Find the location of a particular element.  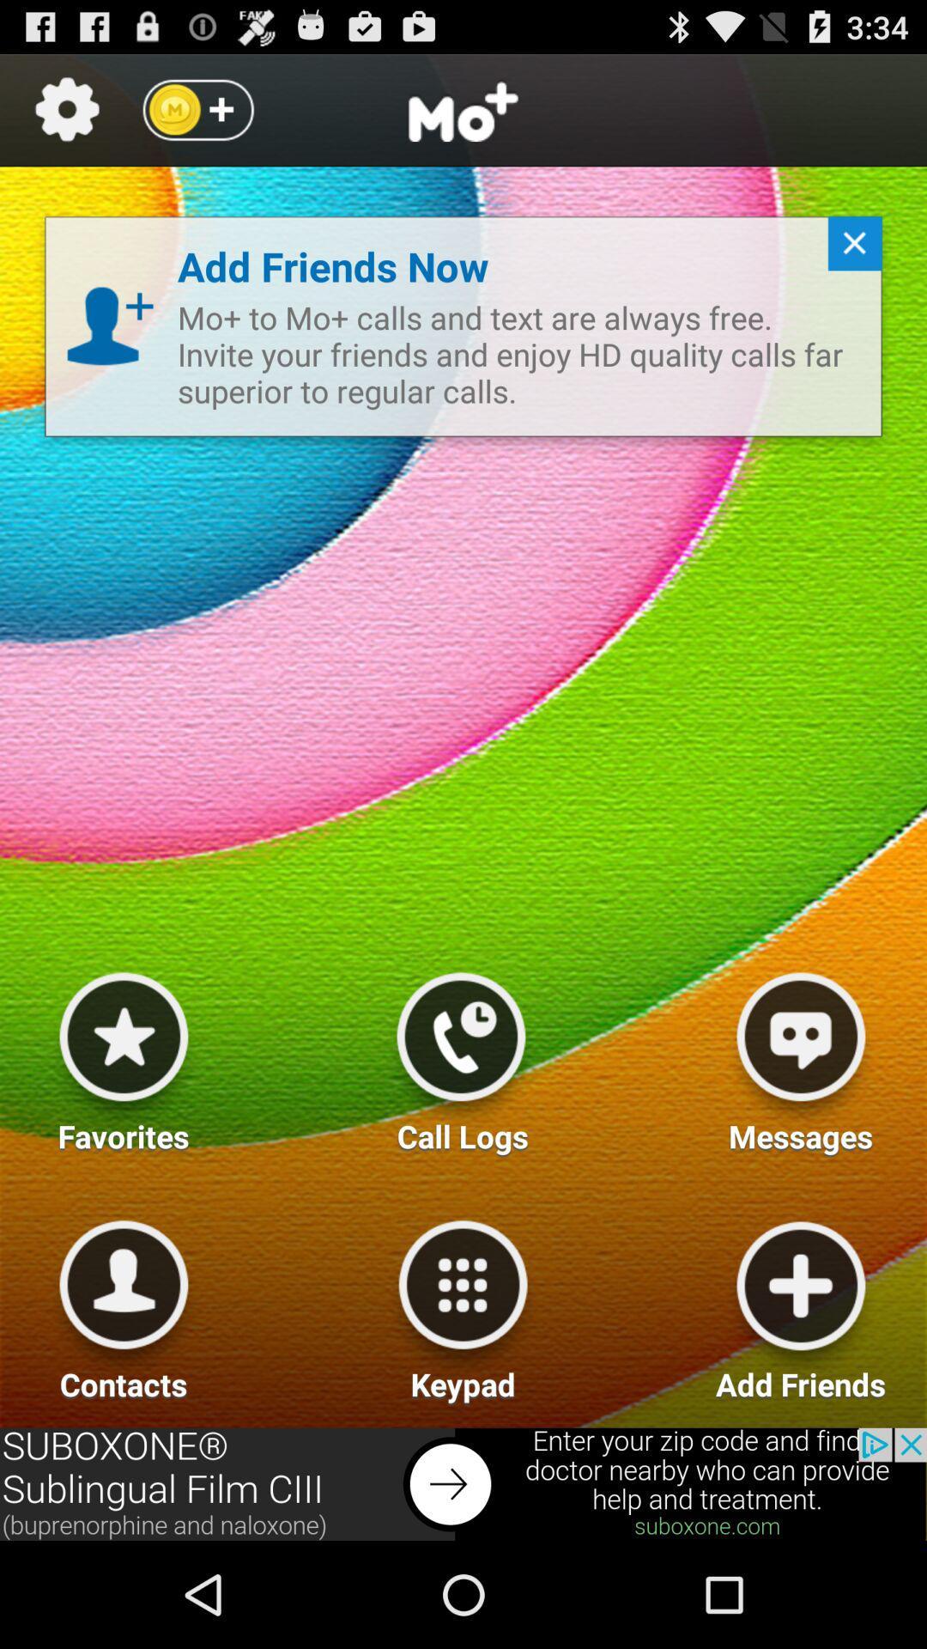

close is located at coordinates (847, 250).